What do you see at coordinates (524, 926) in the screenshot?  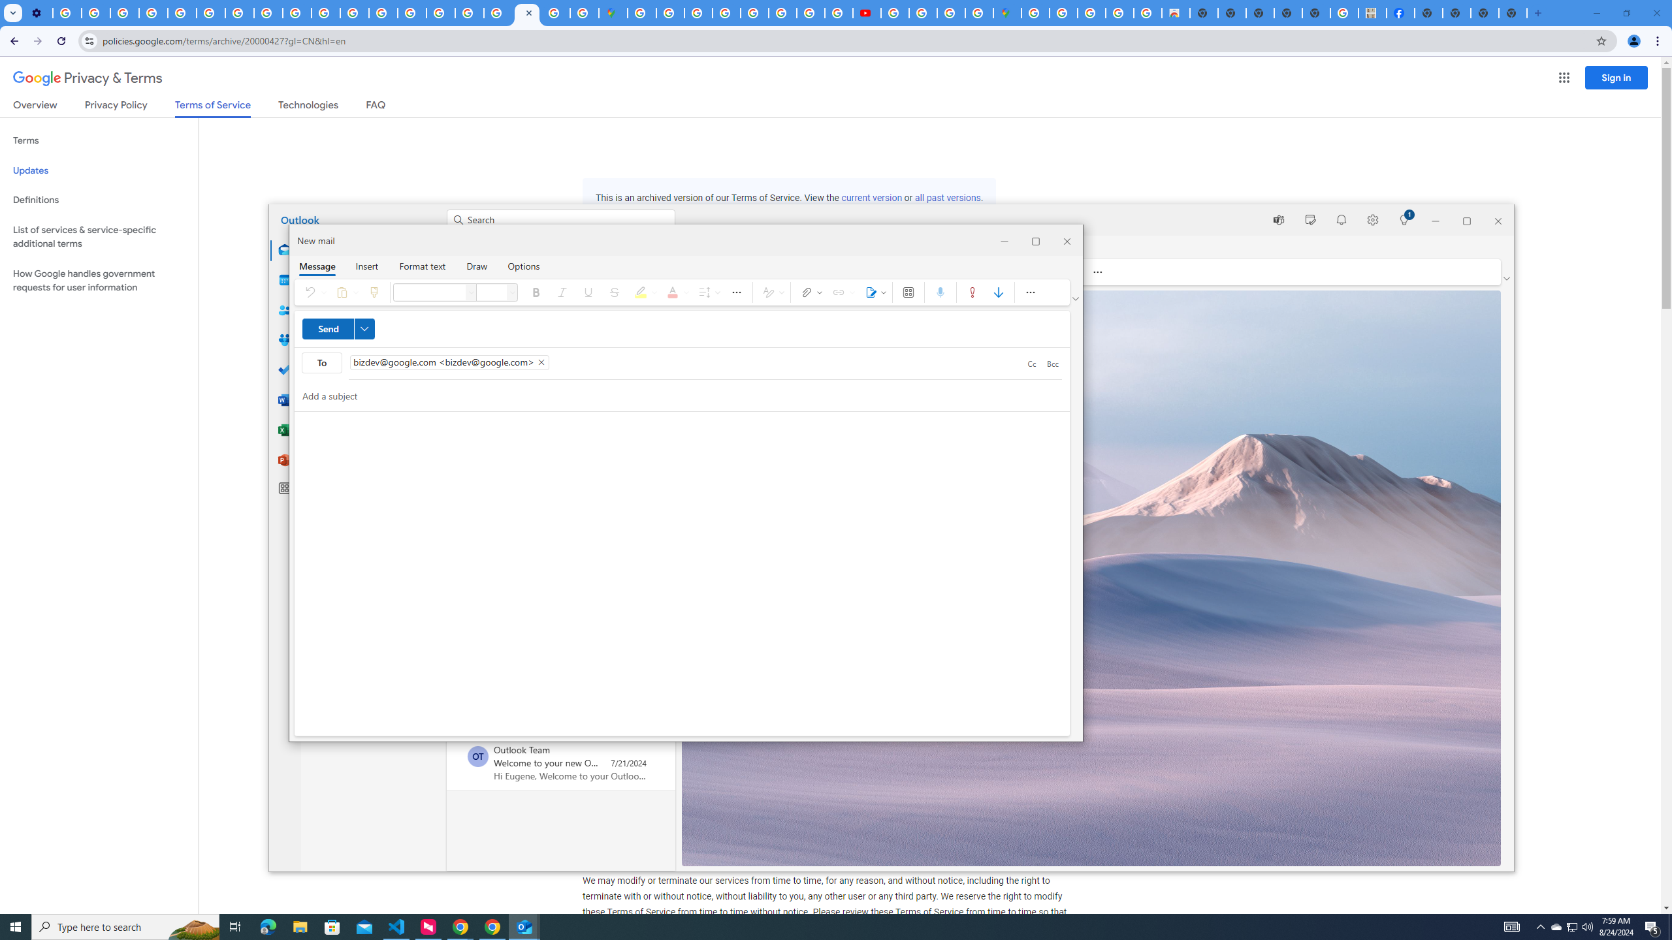 I see `'Outlook (new) - 2 running windows'` at bounding box center [524, 926].